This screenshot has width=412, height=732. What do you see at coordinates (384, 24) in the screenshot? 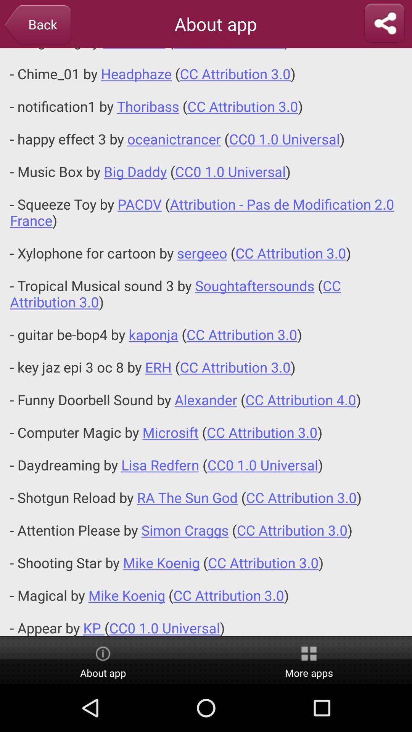
I see `share button` at bounding box center [384, 24].